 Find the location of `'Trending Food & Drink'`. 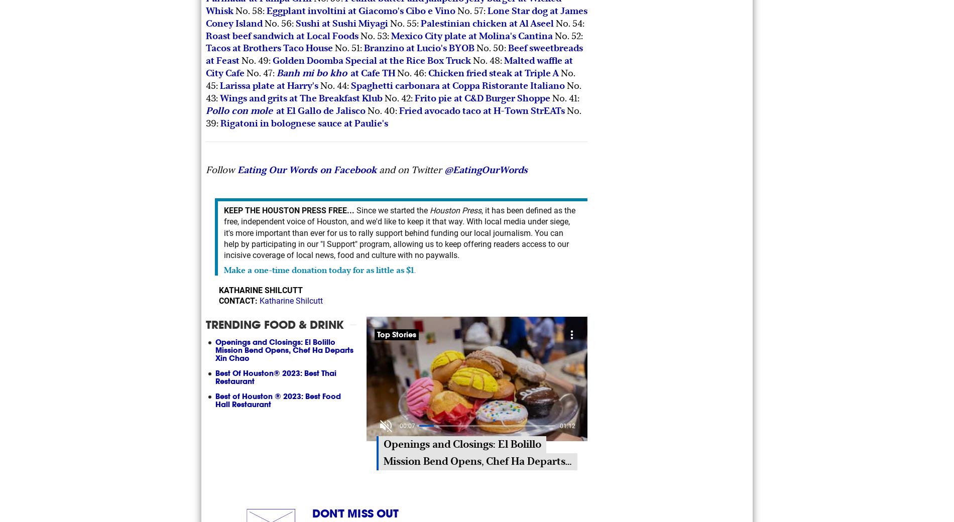

'Trending Food & Drink' is located at coordinates (275, 324).